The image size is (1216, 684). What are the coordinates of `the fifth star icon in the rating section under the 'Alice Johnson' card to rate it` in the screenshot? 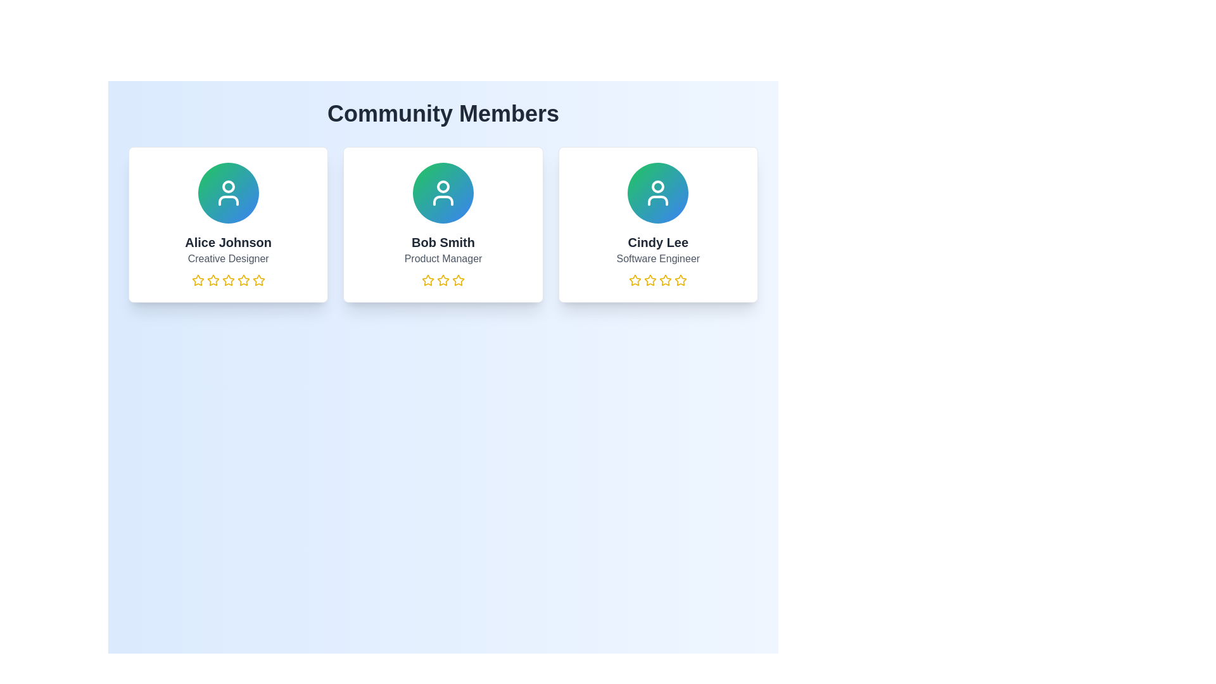 It's located at (258, 279).